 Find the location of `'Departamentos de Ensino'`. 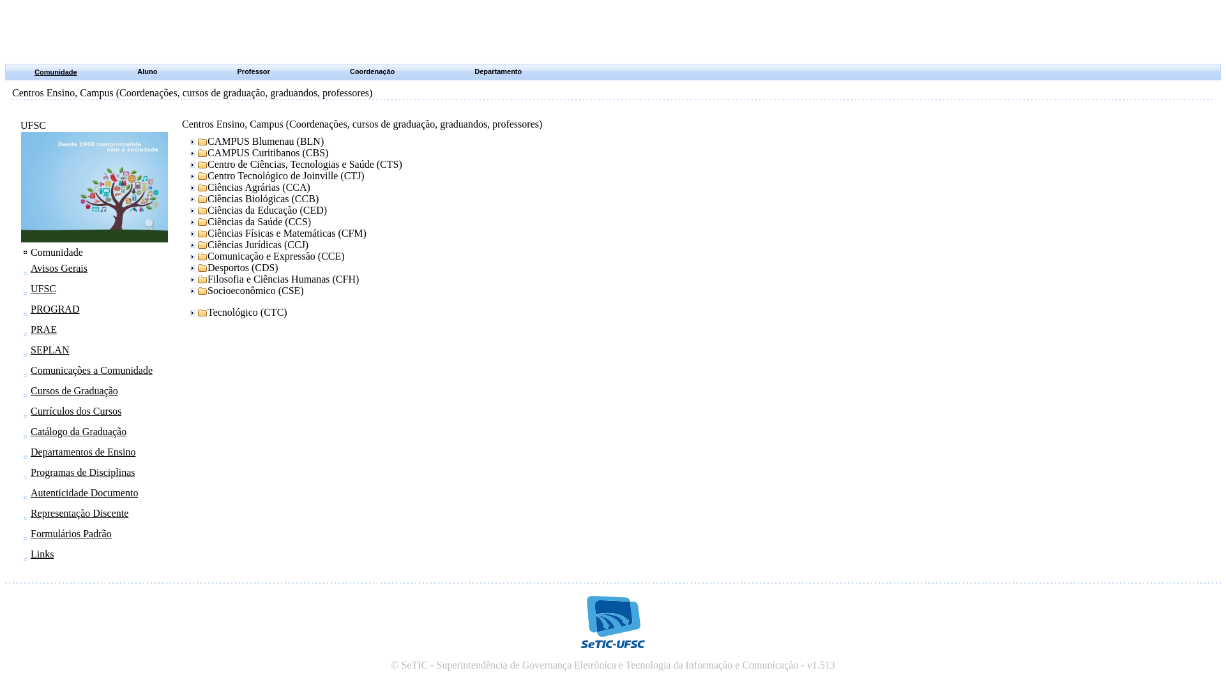

'Departamentos de Ensino' is located at coordinates (82, 451).